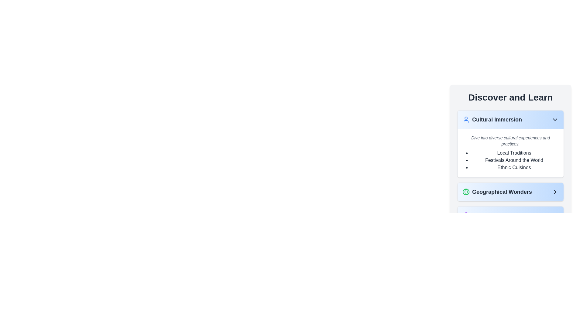  What do you see at coordinates (555, 215) in the screenshot?
I see `the chevron arrow located at the far right of the 'Geographical Wonders' section in the 'Discover and Learn' interface` at bounding box center [555, 215].